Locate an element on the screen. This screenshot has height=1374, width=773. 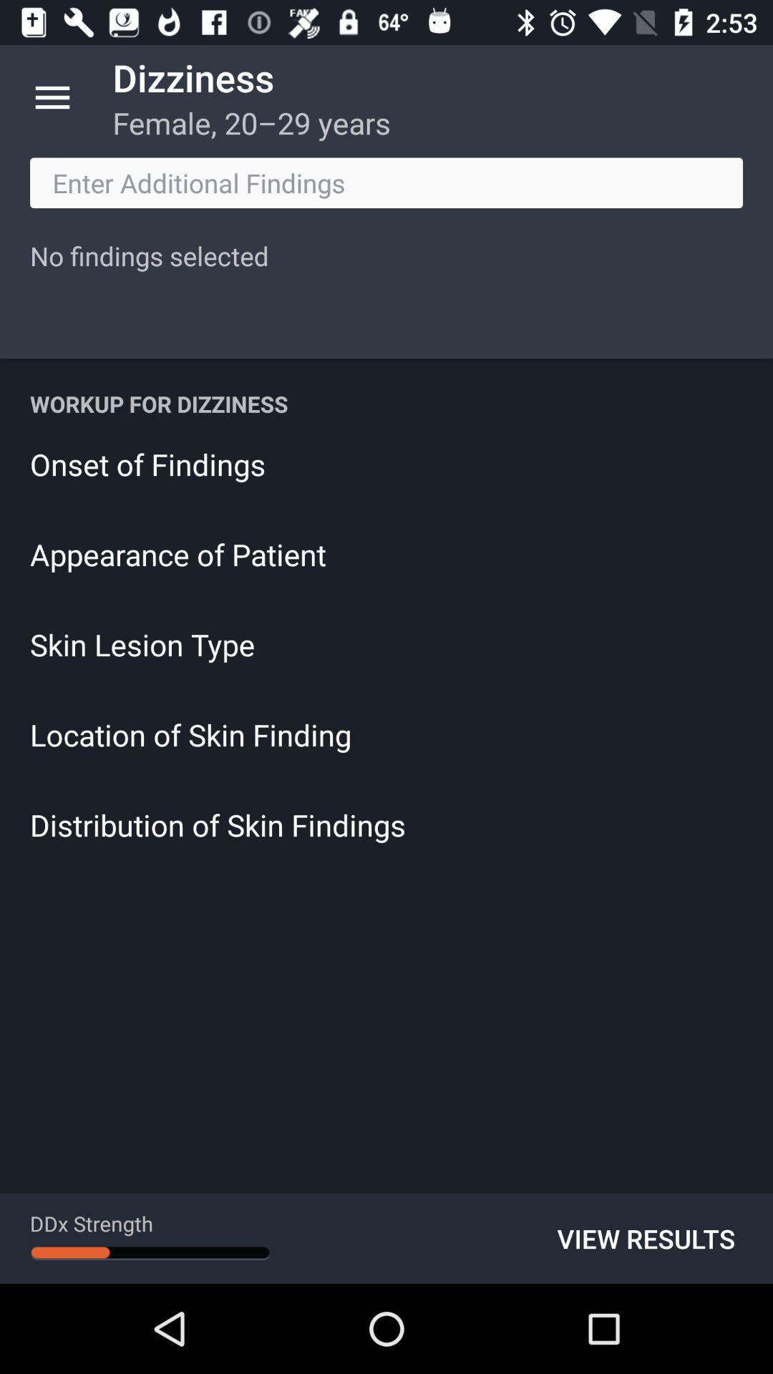
appearance of patient icon is located at coordinates (386, 553).